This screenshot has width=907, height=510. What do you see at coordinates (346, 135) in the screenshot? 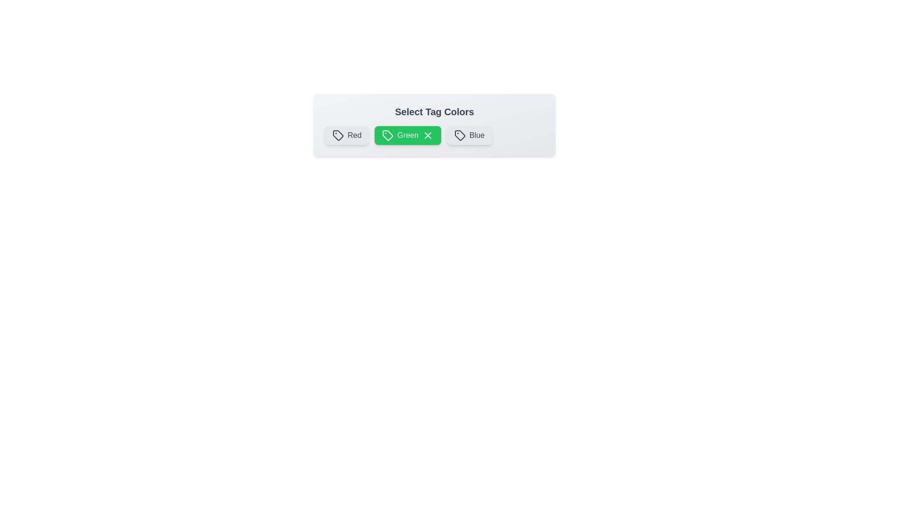
I see `the Red tag by clicking on it` at bounding box center [346, 135].